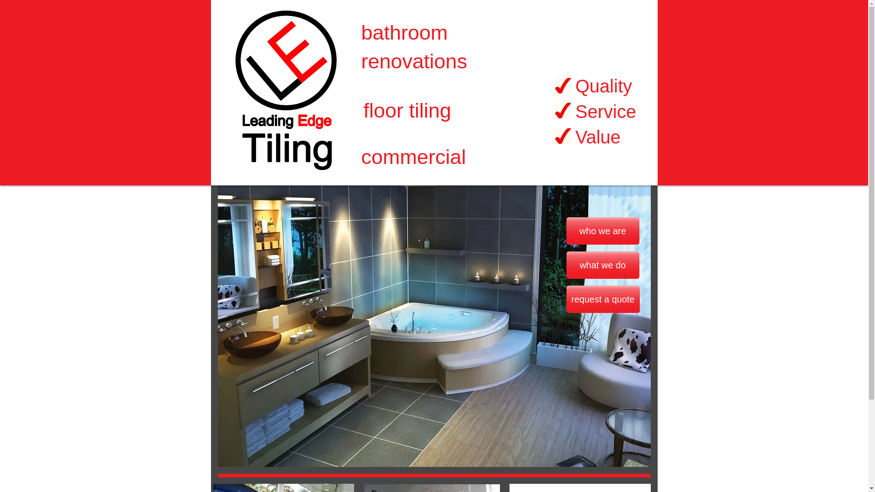 The image size is (875, 492). I want to click on 'request a quote', so click(602, 299).